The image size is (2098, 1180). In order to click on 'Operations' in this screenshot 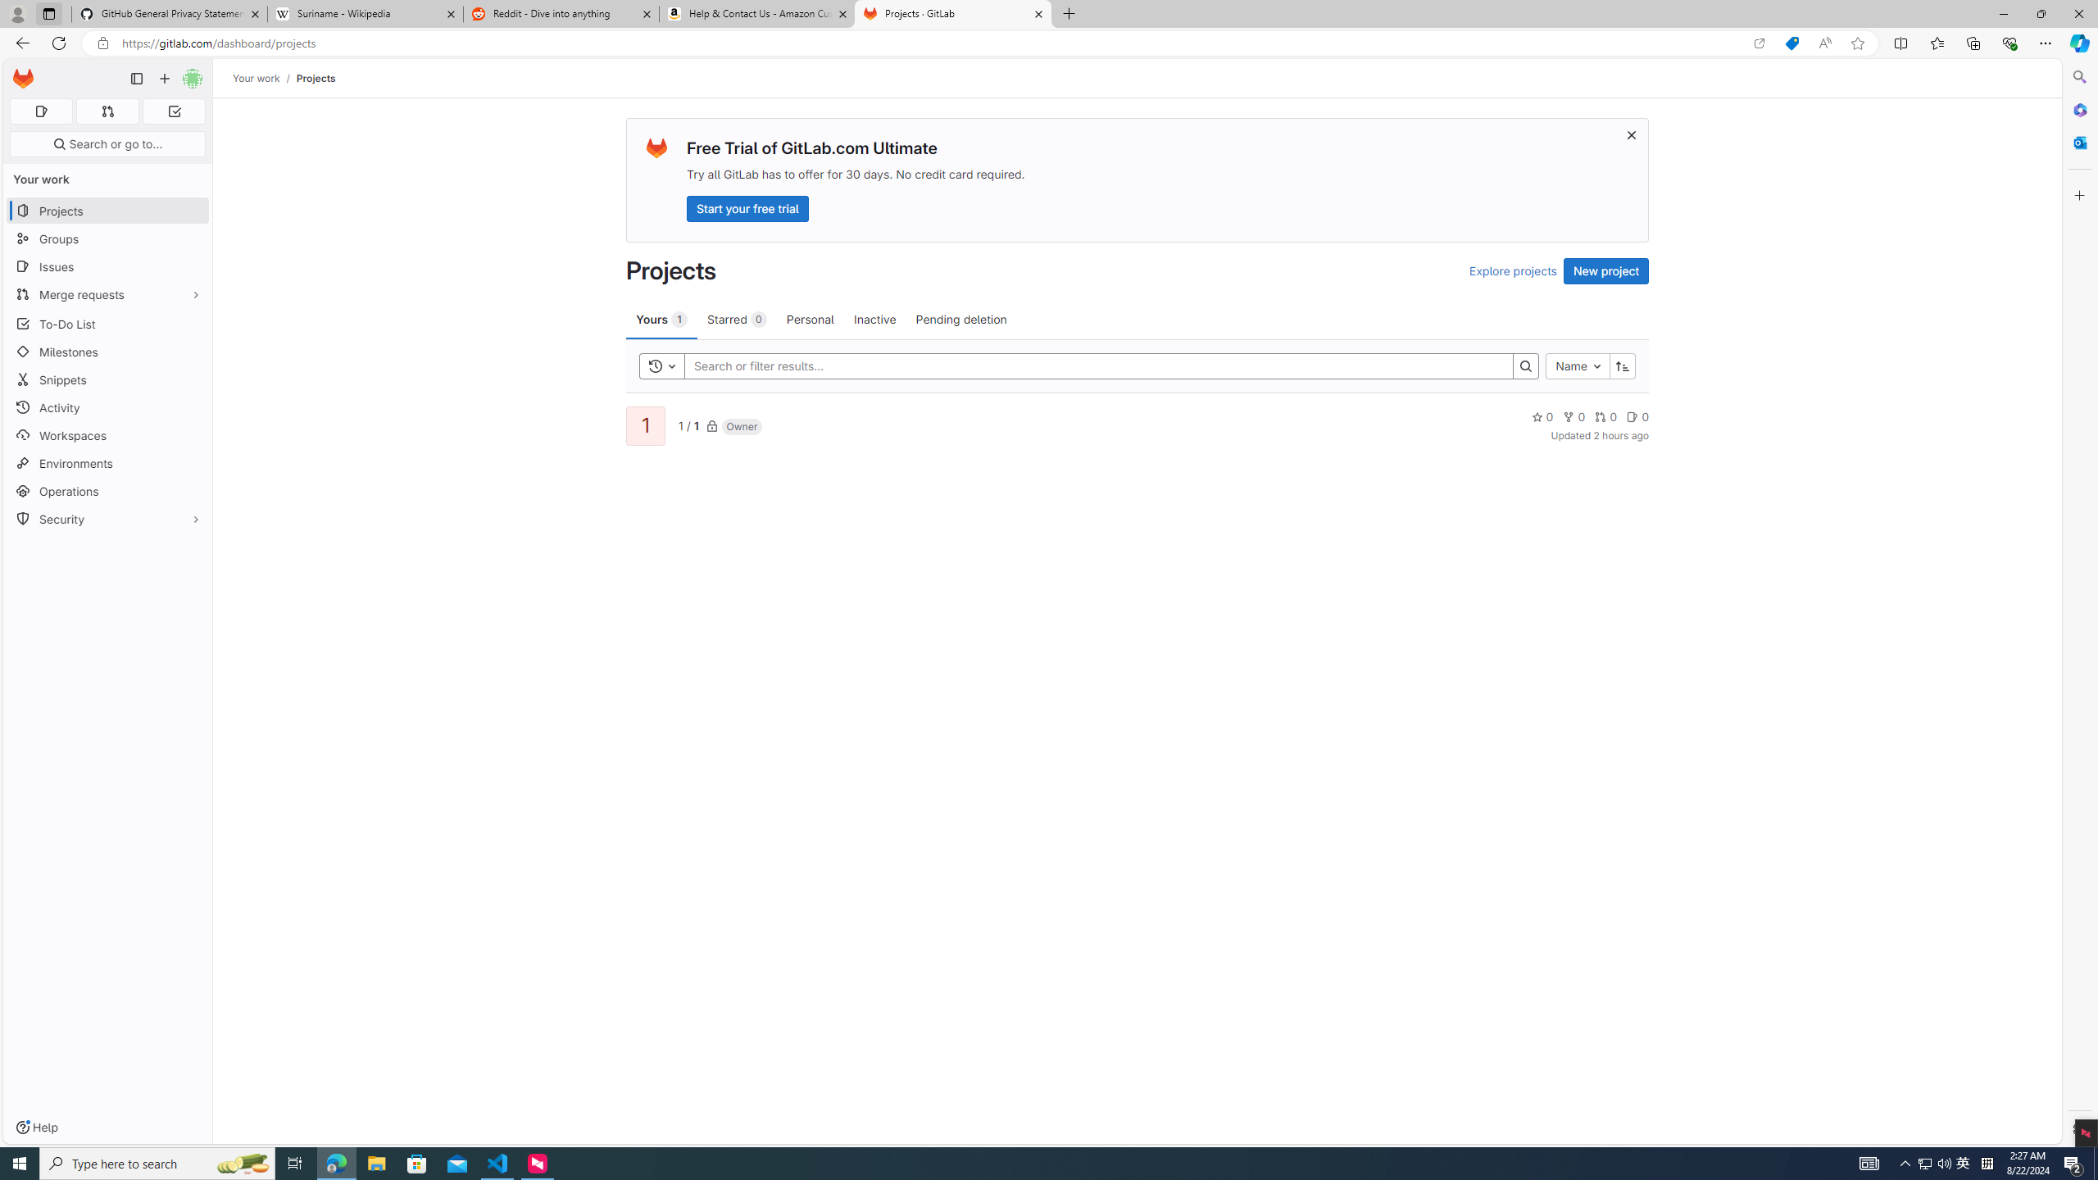, I will do `click(107, 490)`.